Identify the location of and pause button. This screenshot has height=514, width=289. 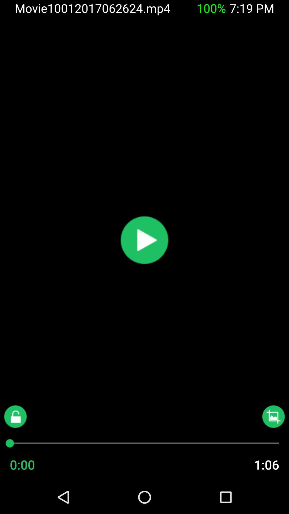
(144, 240).